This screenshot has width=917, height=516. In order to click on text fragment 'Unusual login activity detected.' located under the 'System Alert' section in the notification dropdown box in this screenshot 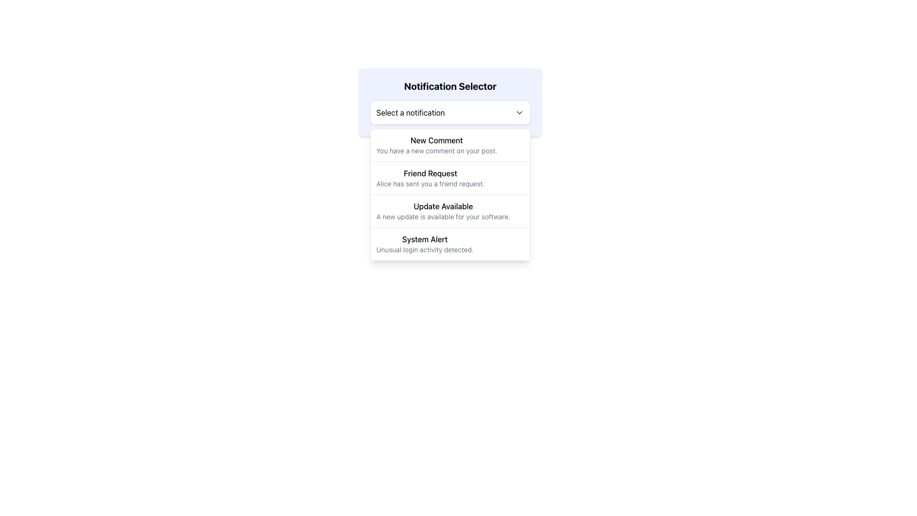, I will do `click(424, 249)`.